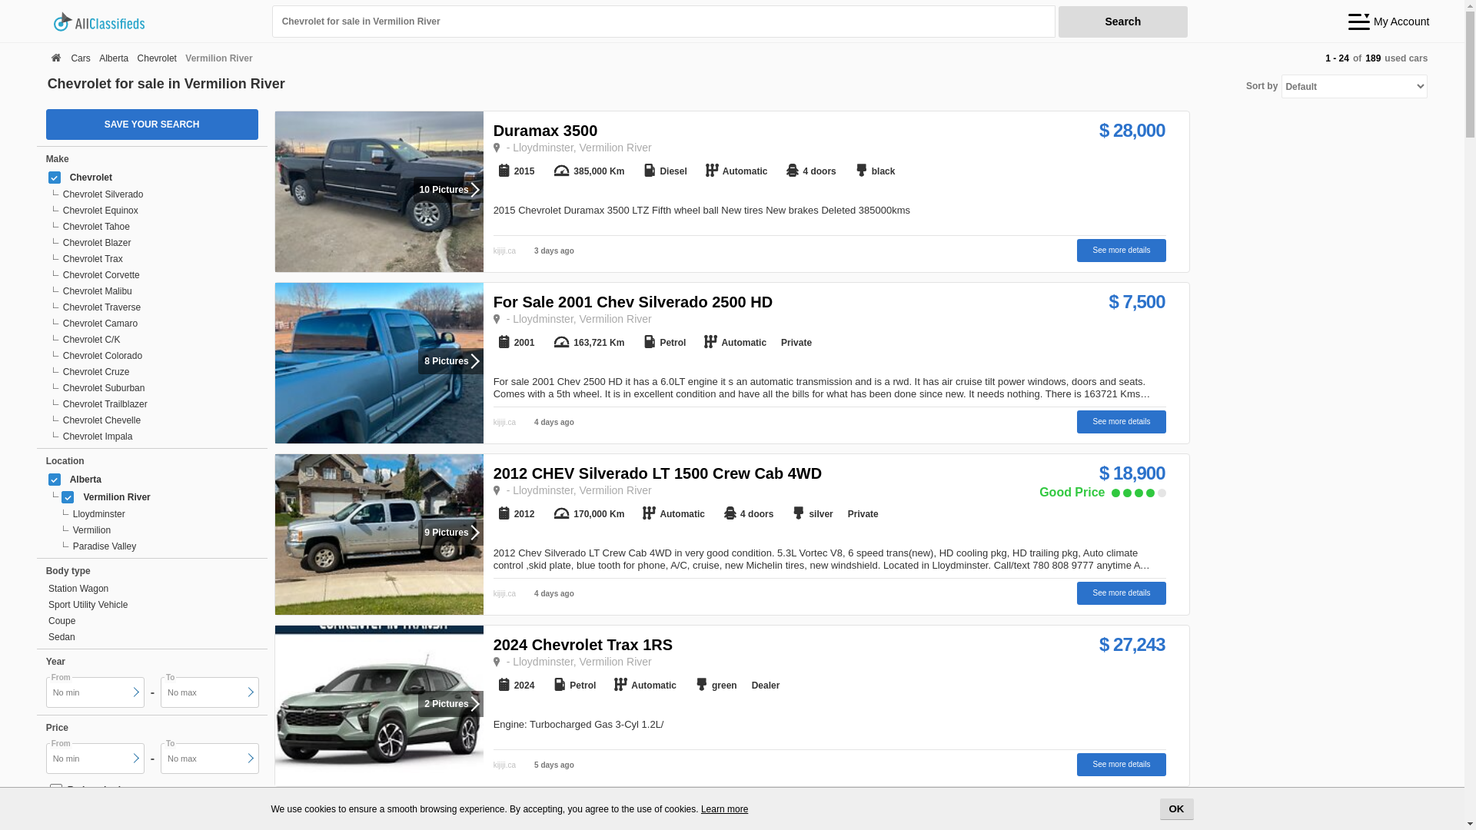 The width and height of the screenshot is (1476, 830). What do you see at coordinates (59, 356) in the screenshot?
I see `'Chevrolet Colorado'` at bounding box center [59, 356].